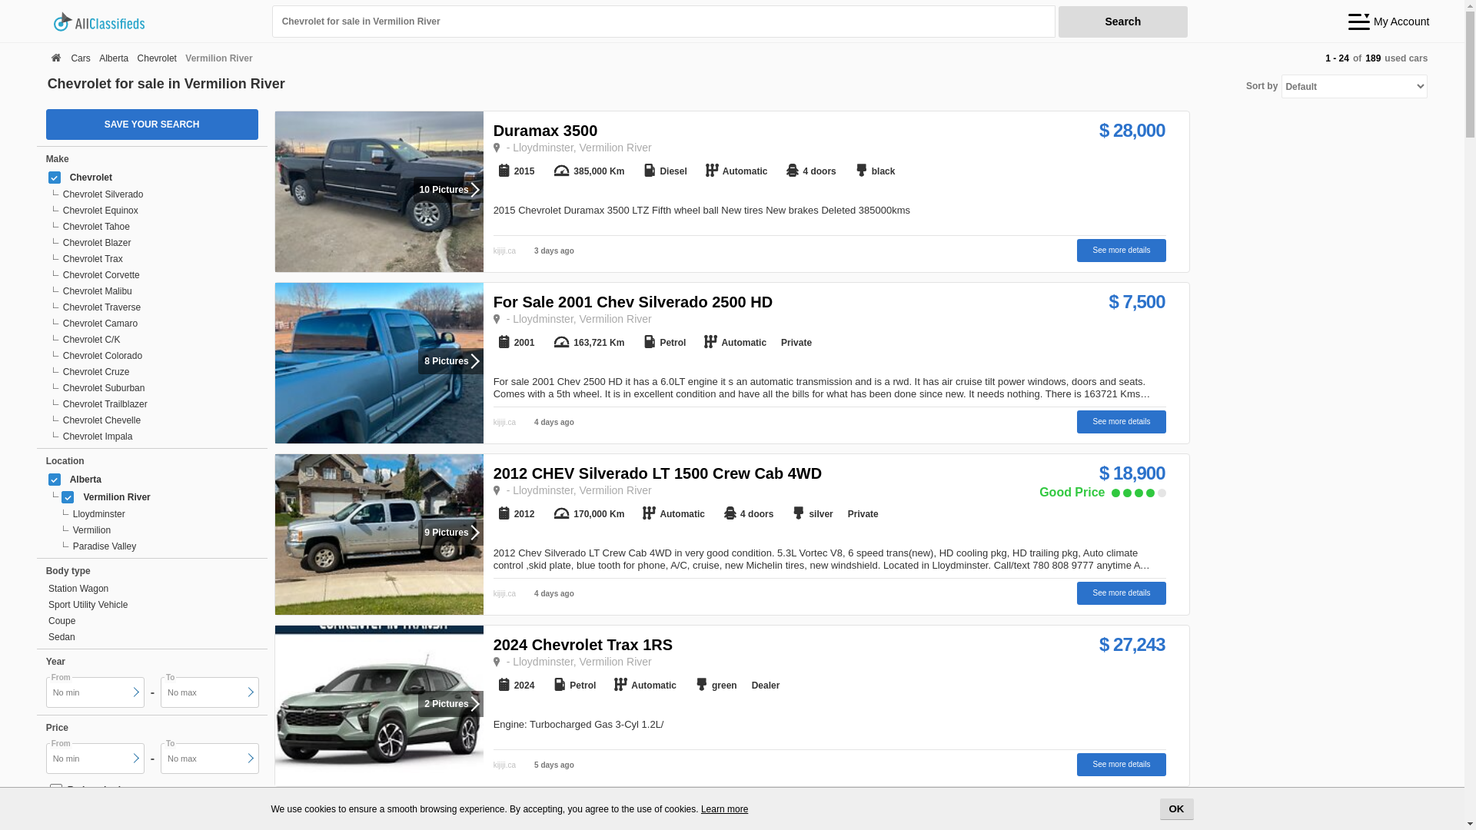 The width and height of the screenshot is (1476, 830). What do you see at coordinates (59, 356) in the screenshot?
I see `'Chevrolet Colorado'` at bounding box center [59, 356].